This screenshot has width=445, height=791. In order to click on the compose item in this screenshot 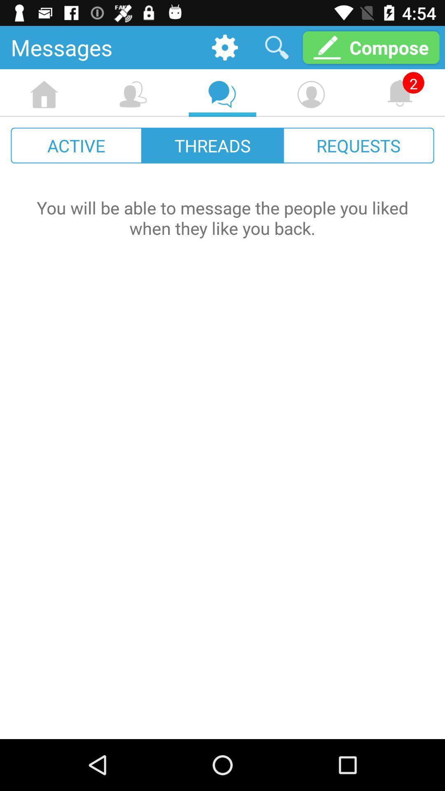, I will do `click(371, 47)`.